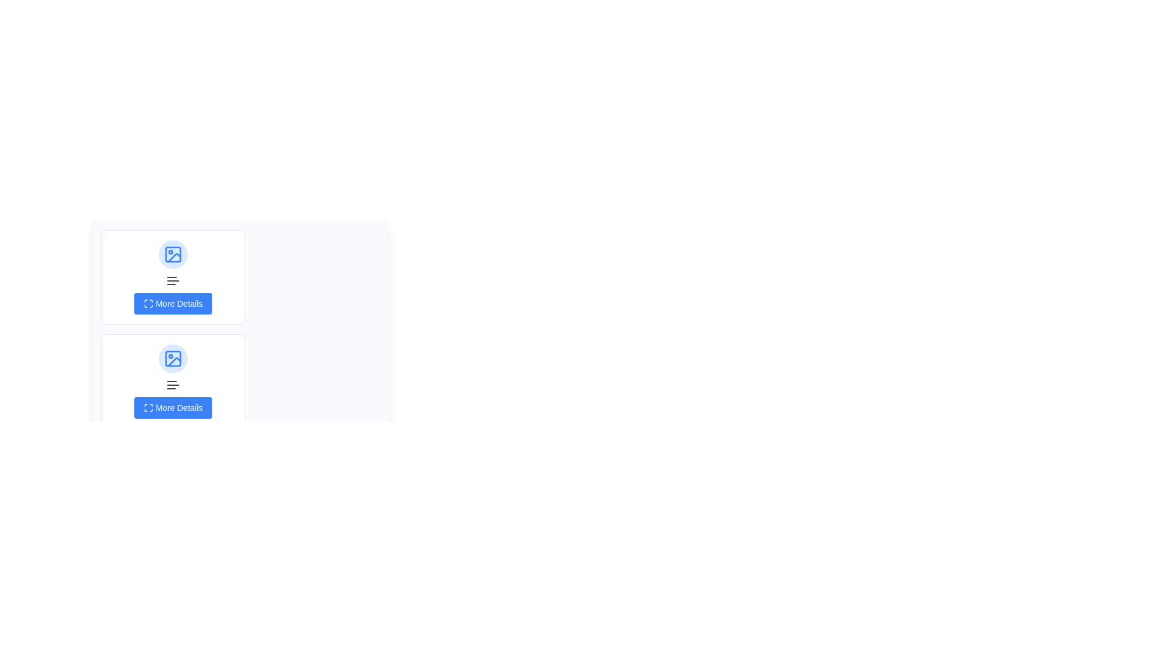  I want to click on the navigation button located below 'Item 2' in the vertically stacked list, so click(172, 407).